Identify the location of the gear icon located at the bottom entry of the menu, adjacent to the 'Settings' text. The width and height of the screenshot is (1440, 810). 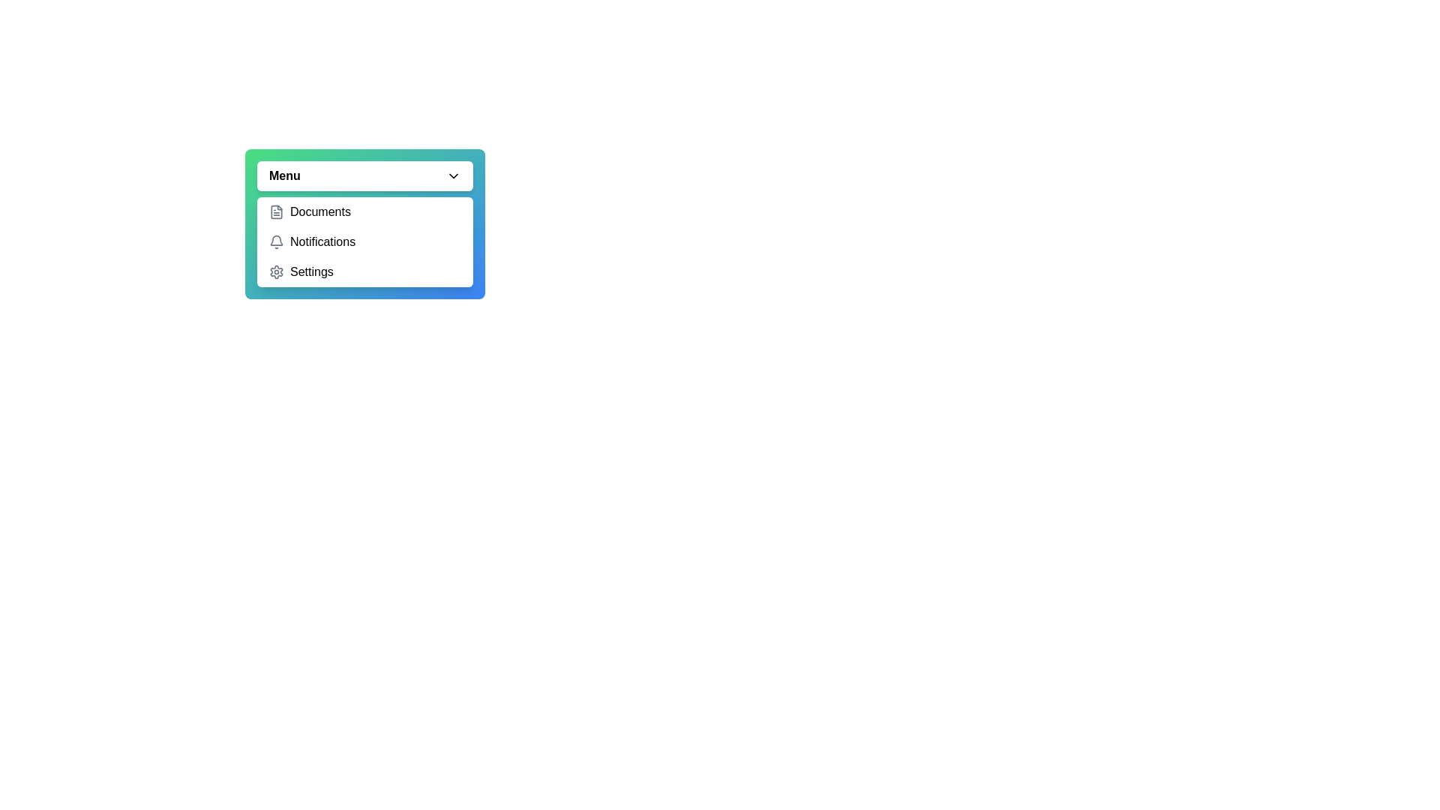
(277, 271).